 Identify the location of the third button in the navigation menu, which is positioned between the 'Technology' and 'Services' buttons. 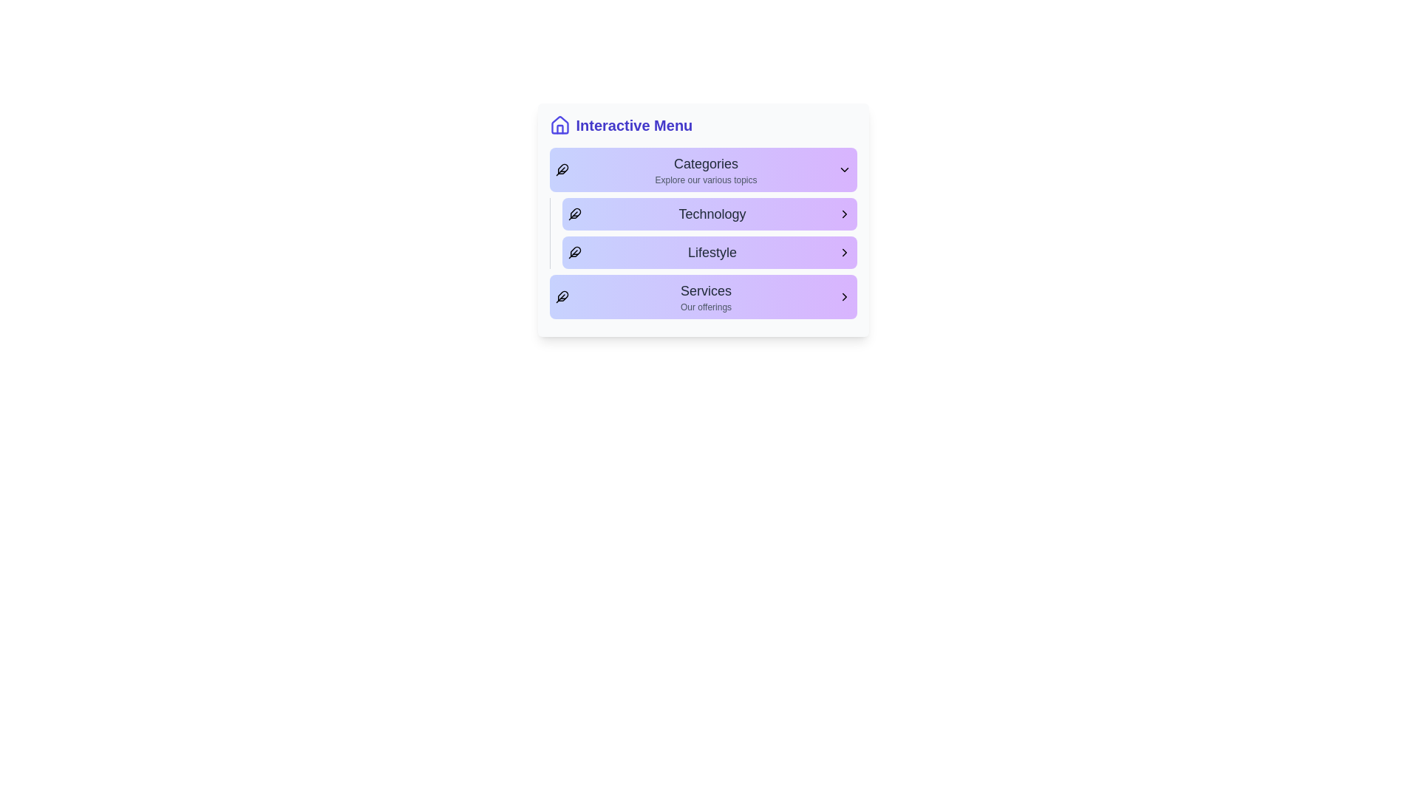
(709, 252).